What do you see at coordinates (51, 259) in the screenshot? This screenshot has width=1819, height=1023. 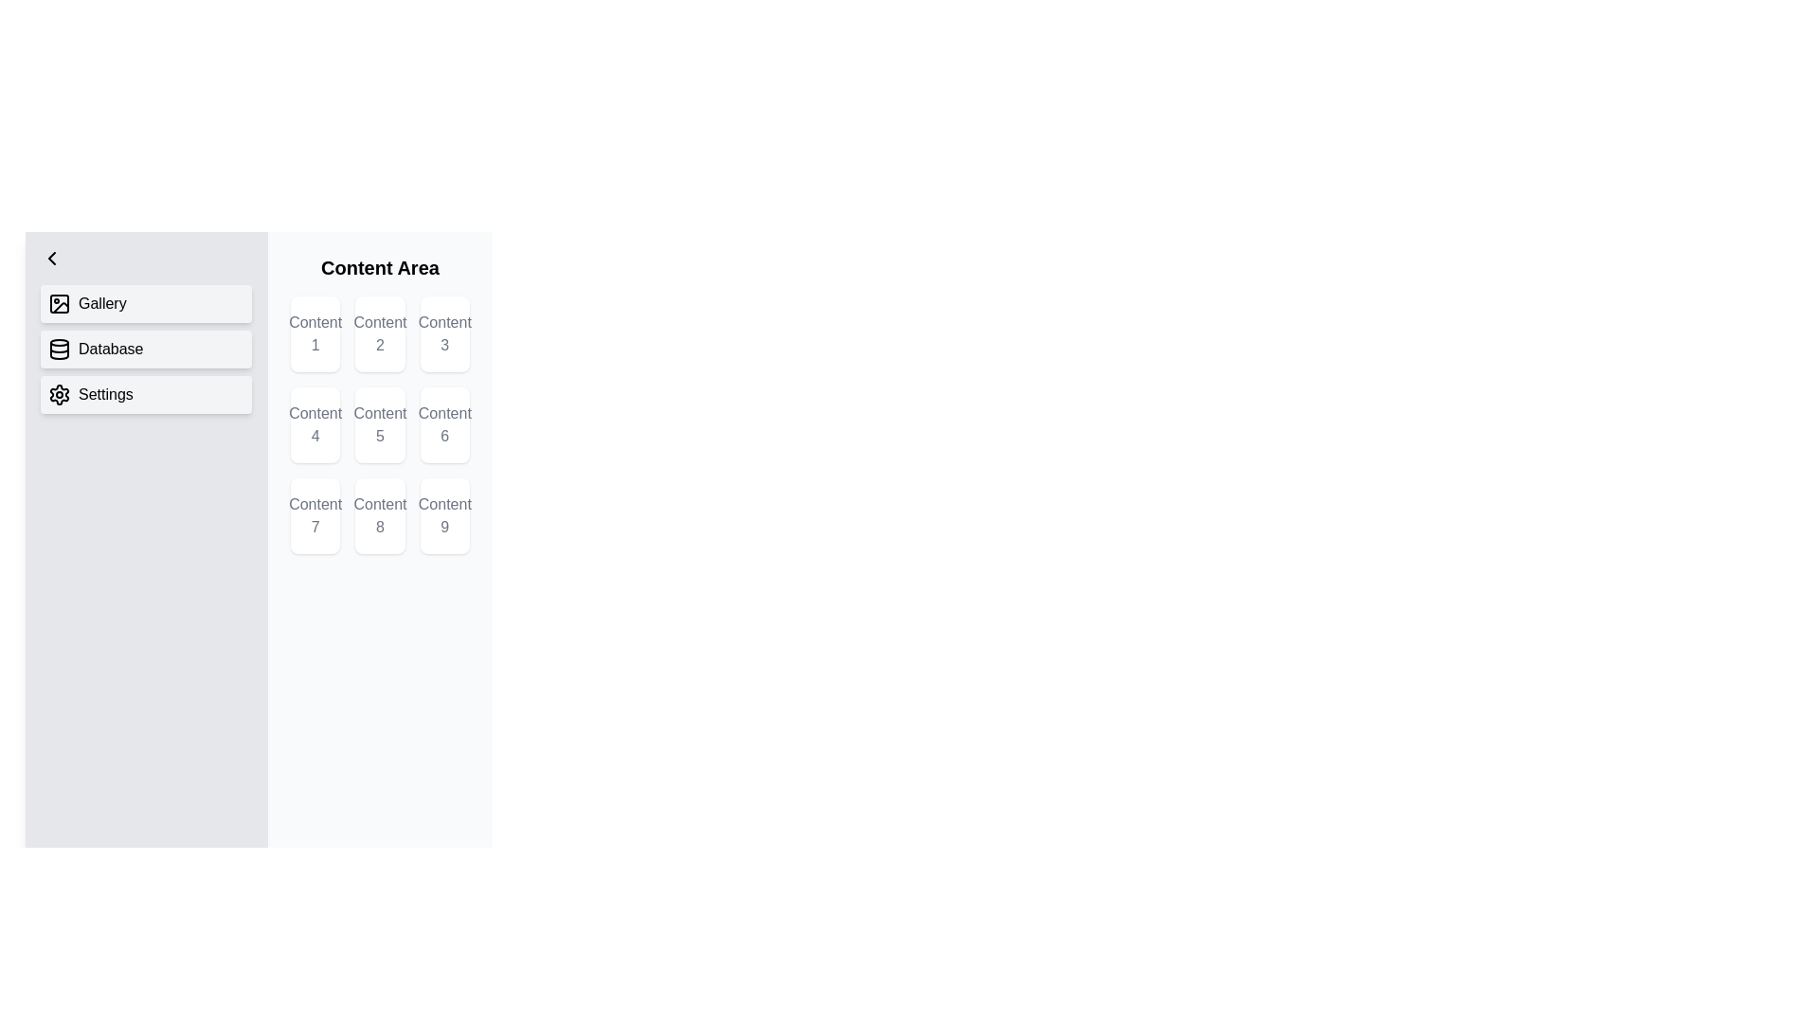 I see `the 'Menu' button located at the top-left section of the interface` at bounding box center [51, 259].